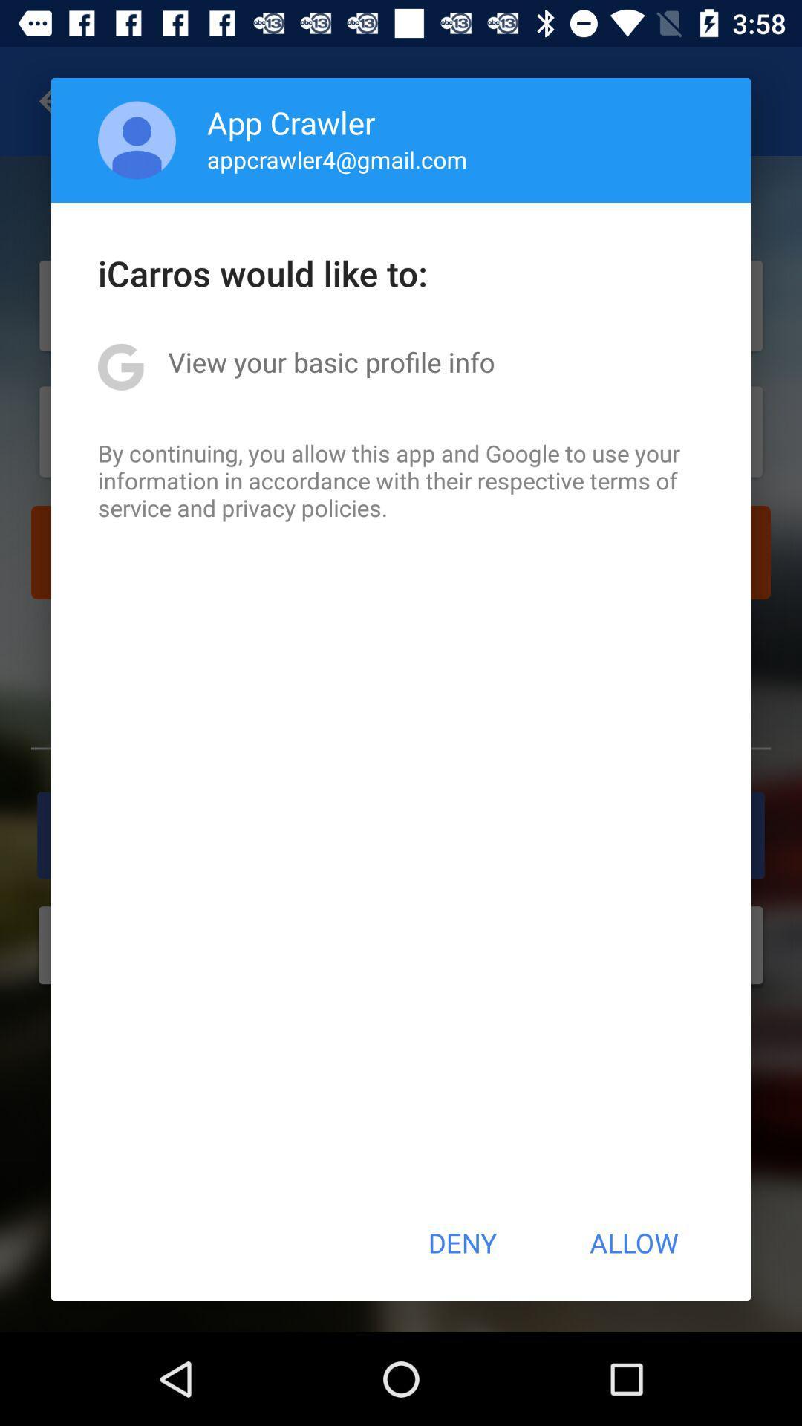  What do you see at coordinates (137, 140) in the screenshot?
I see `the app above the icarros would like app` at bounding box center [137, 140].